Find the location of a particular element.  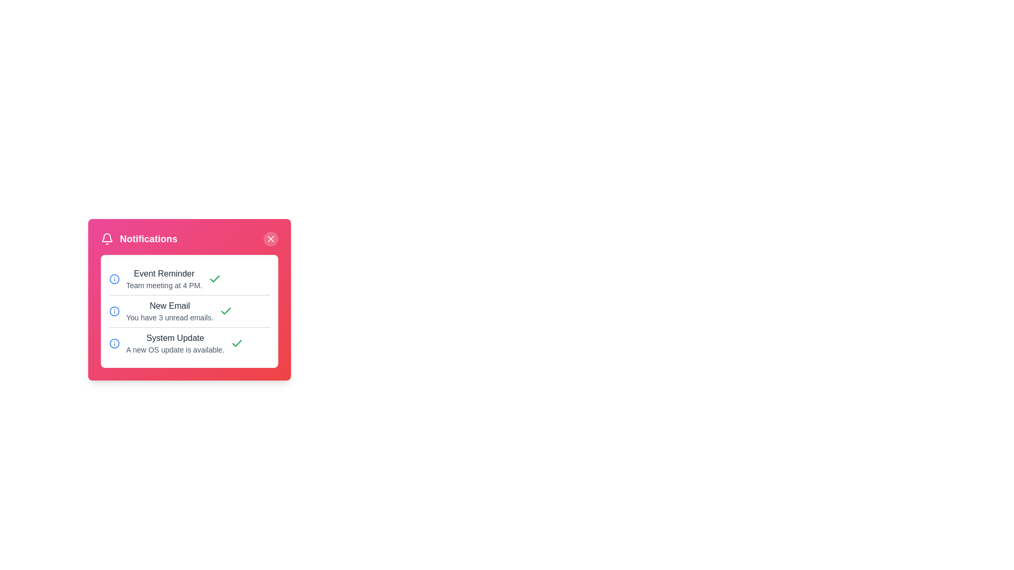

additional descriptive information text located in the bottom section of the 'System Update' notification card, aligned leftward and positioned below the bold heading and above the horizontal divider is located at coordinates (175, 350).